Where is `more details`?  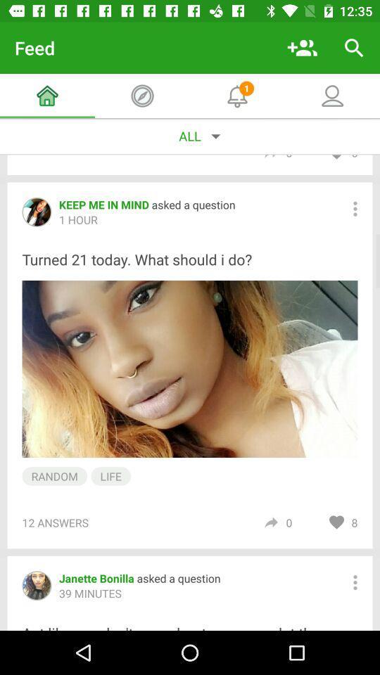 more details is located at coordinates (354, 208).